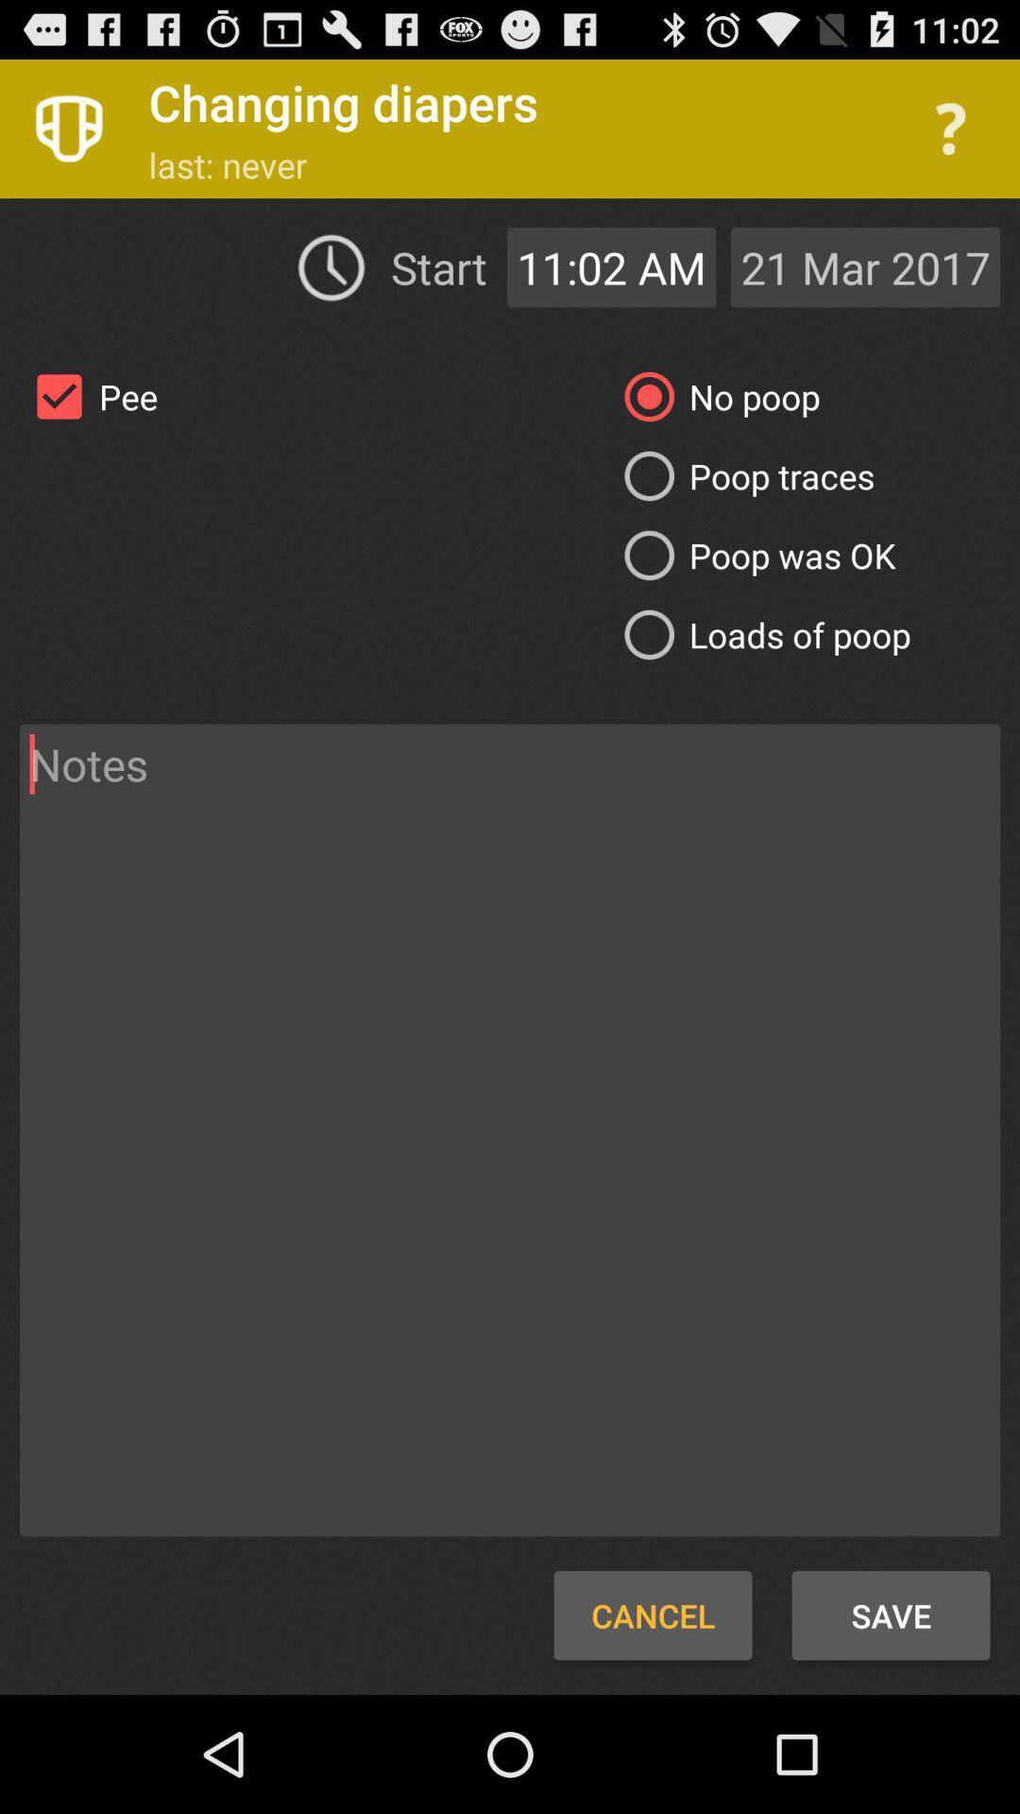  Describe the element at coordinates (759, 635) in the screenshot. I see `icon on the right` at that location.